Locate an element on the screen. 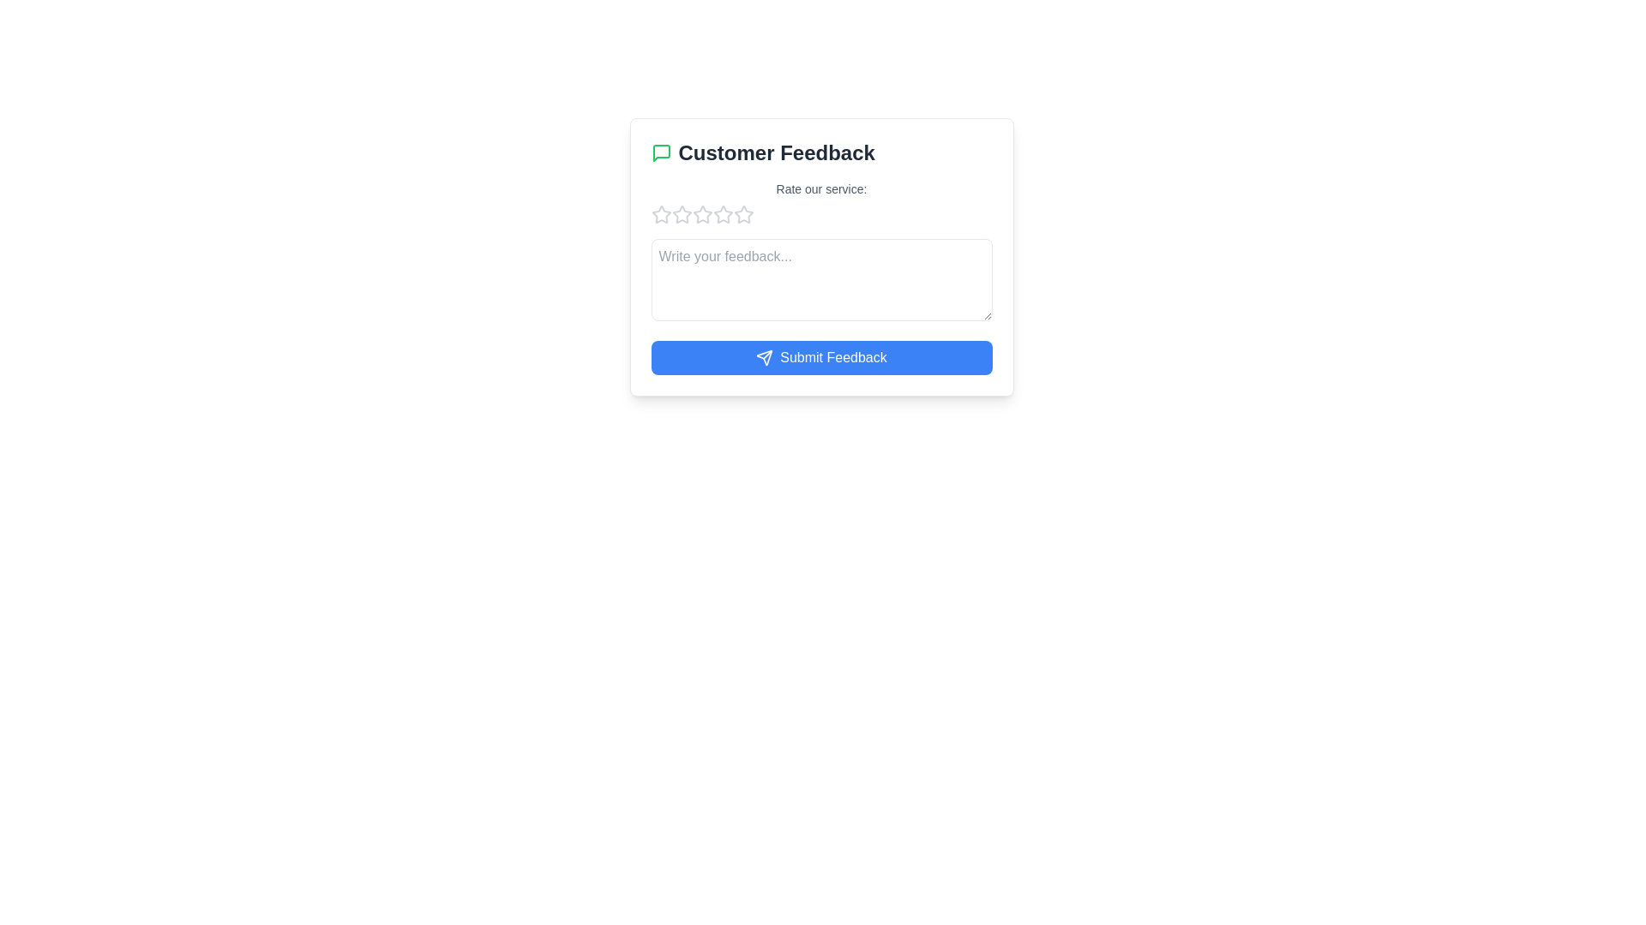  the fourth star icon in the rating system is located at coordinates (723, 213).